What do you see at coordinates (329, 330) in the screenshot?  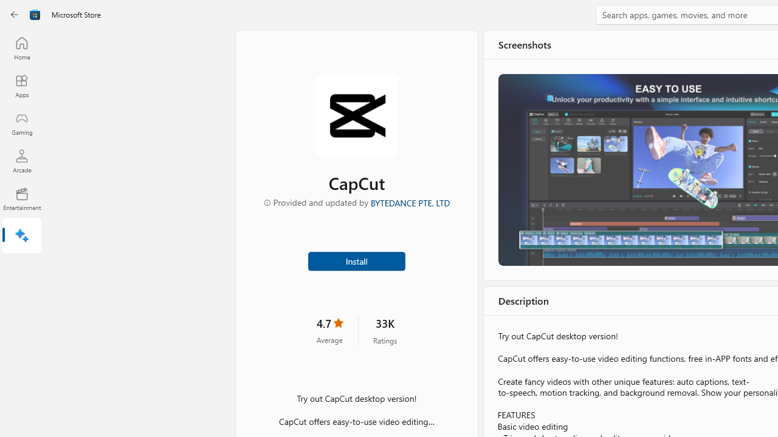 I see `'4.7 stars. Click to skip to ratings and reviews'` at bounding box center [329, 330].